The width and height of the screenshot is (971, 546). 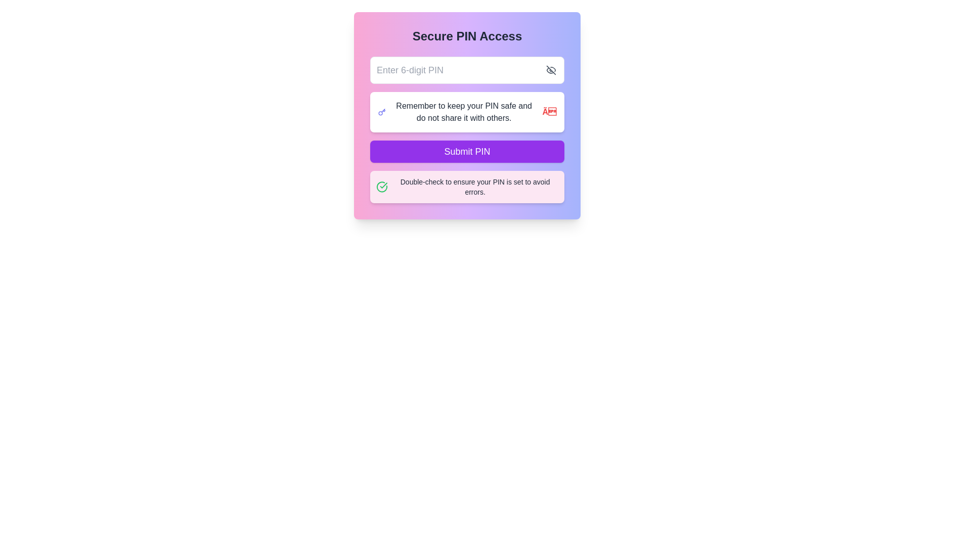 What do you see at coordinates (467, 187) in the screenshot?
I see `the informational tooltip located below the 'Submit PIN' button, which serves as a reminder for users to ensure their PIN is properly set` at bounding box center [467, 187].